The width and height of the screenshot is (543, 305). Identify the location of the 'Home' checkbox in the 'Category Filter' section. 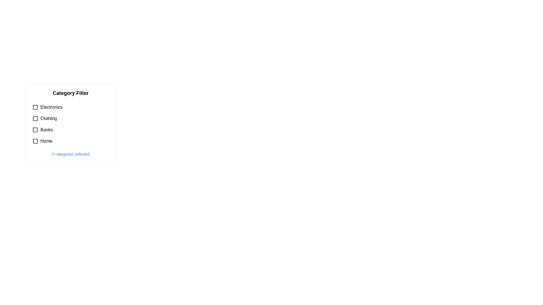
(70, 141).